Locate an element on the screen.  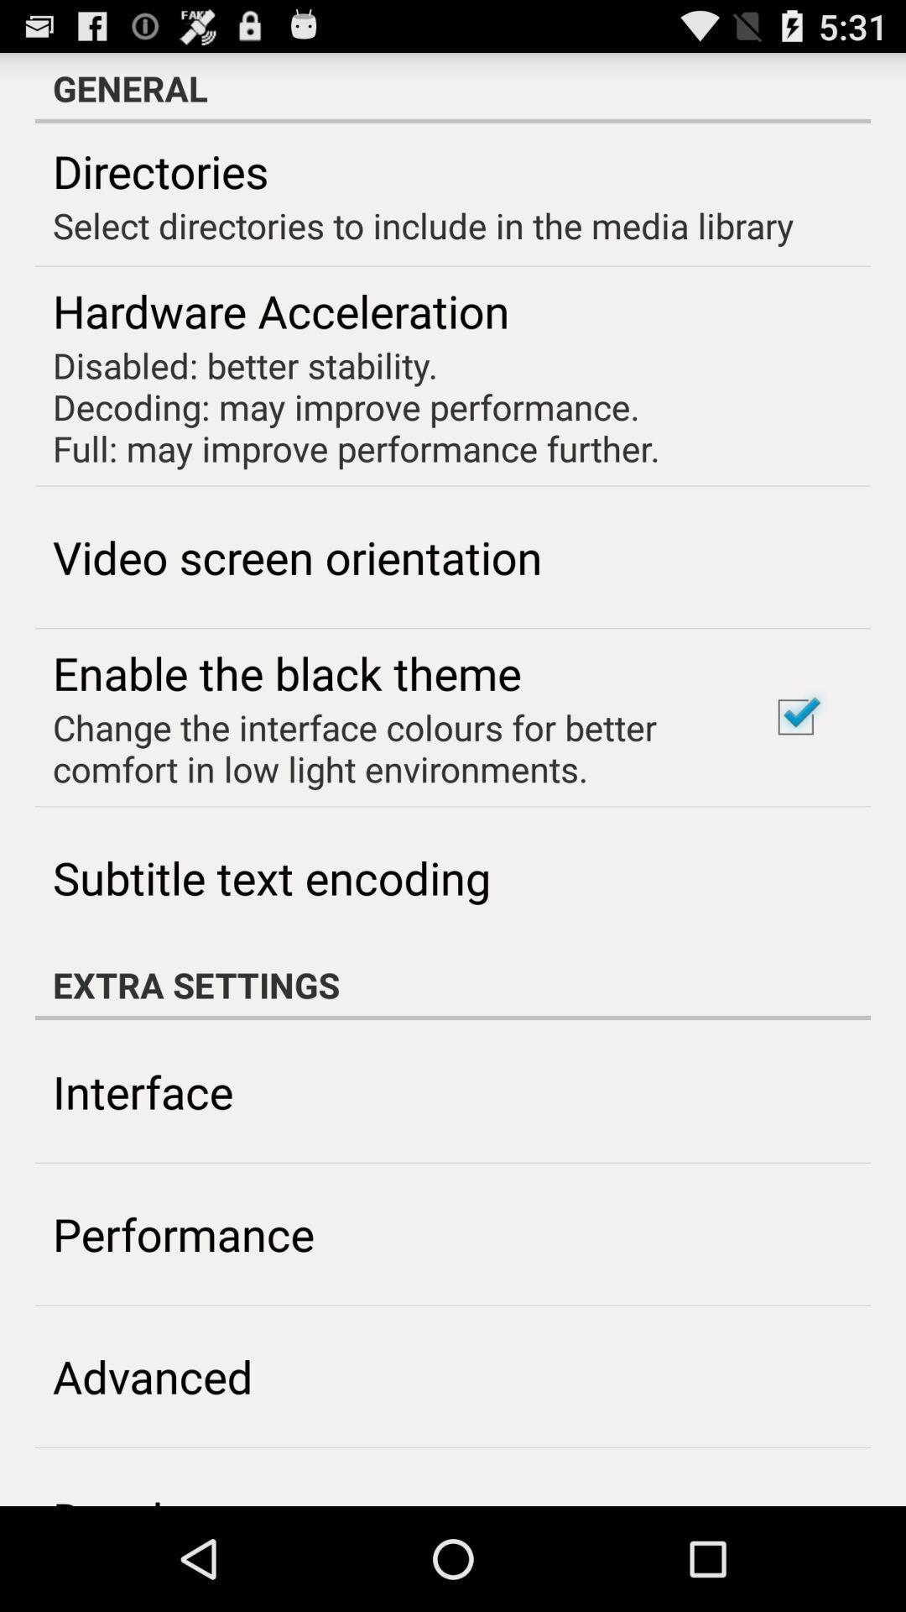
icon below the enable the black icon is located at coordinates (388, 747).